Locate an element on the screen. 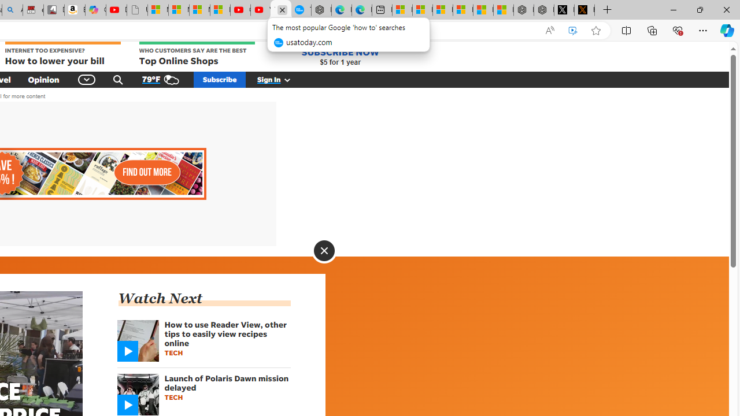 The image size is (740, 416). 'YouTube Kids - An App Created for Kids to Explore Content' is located at coordinates (260, 10).